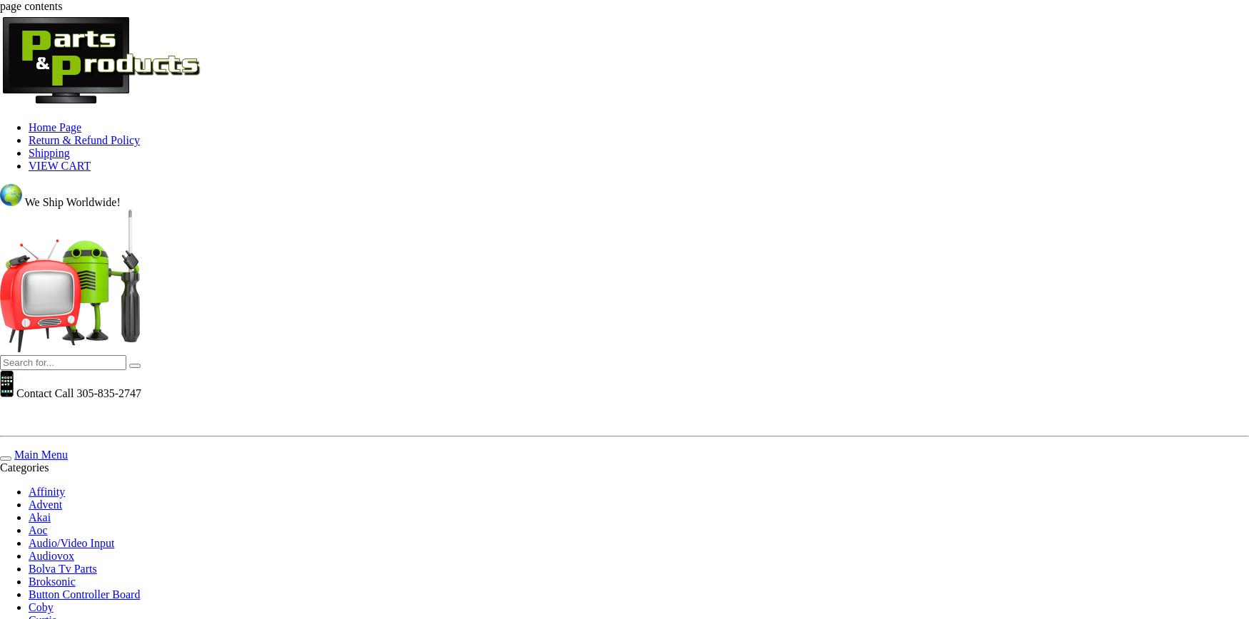 This screenshot has height=619, width=1249. I want to click on 'Affinity', so click(46, 491).